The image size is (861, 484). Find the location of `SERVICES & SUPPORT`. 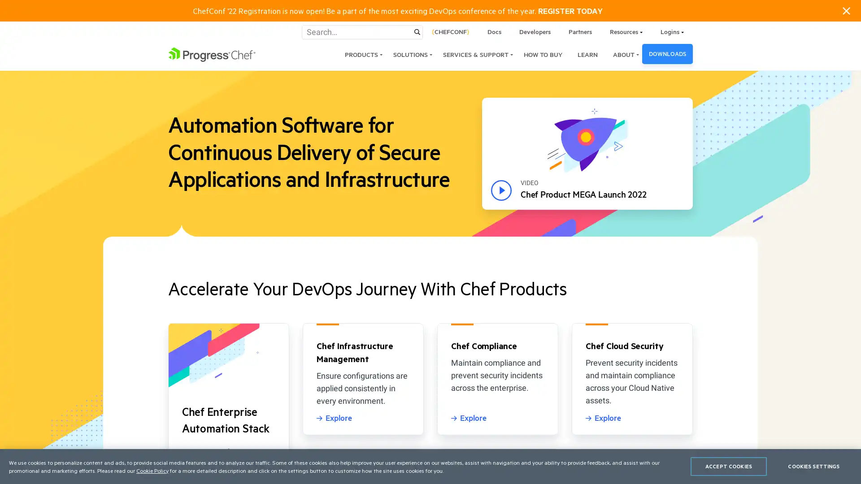

SERVICES & SUPPORT is located at coordinates (456, 55).